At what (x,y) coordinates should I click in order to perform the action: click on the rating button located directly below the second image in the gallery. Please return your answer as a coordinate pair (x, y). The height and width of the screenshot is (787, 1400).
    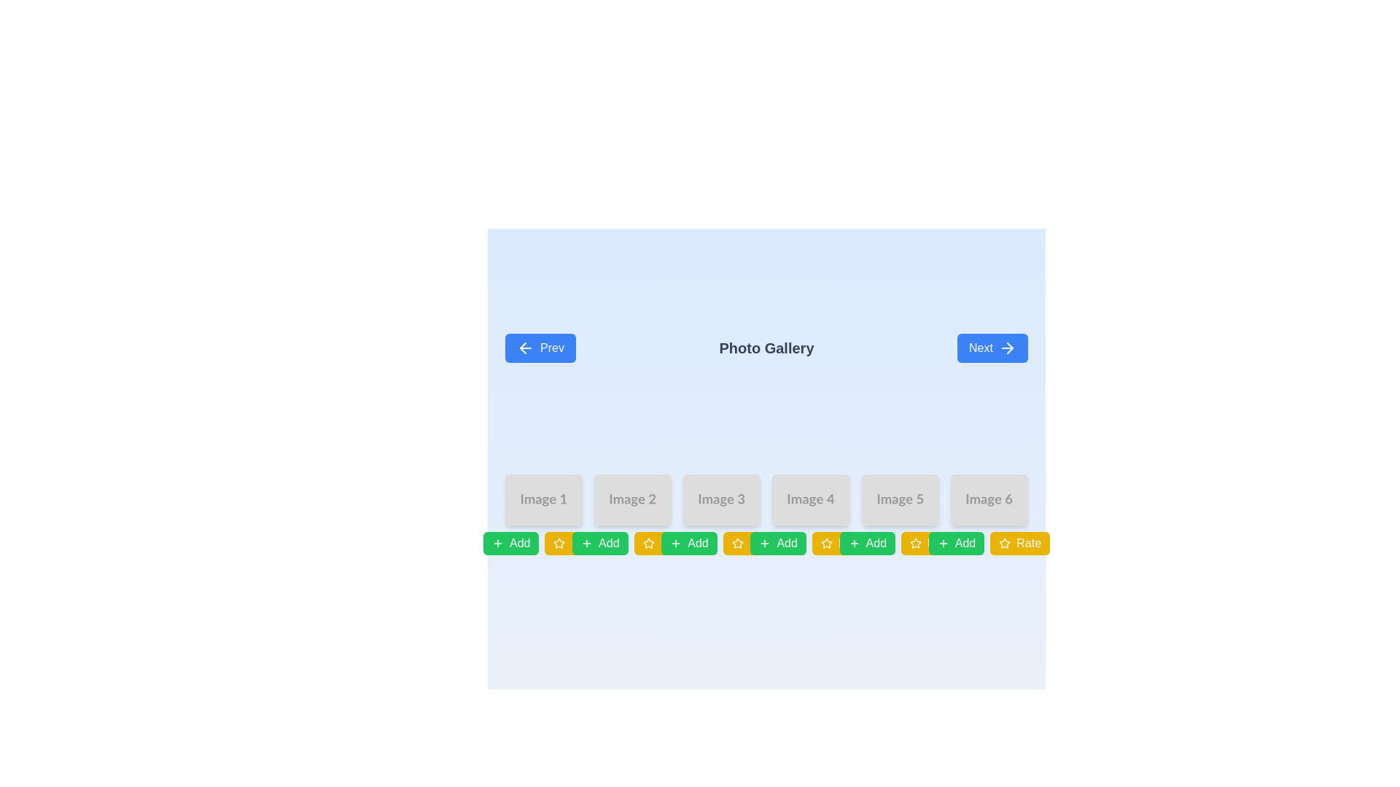
    Looking at the image, I should click on (633, 543).